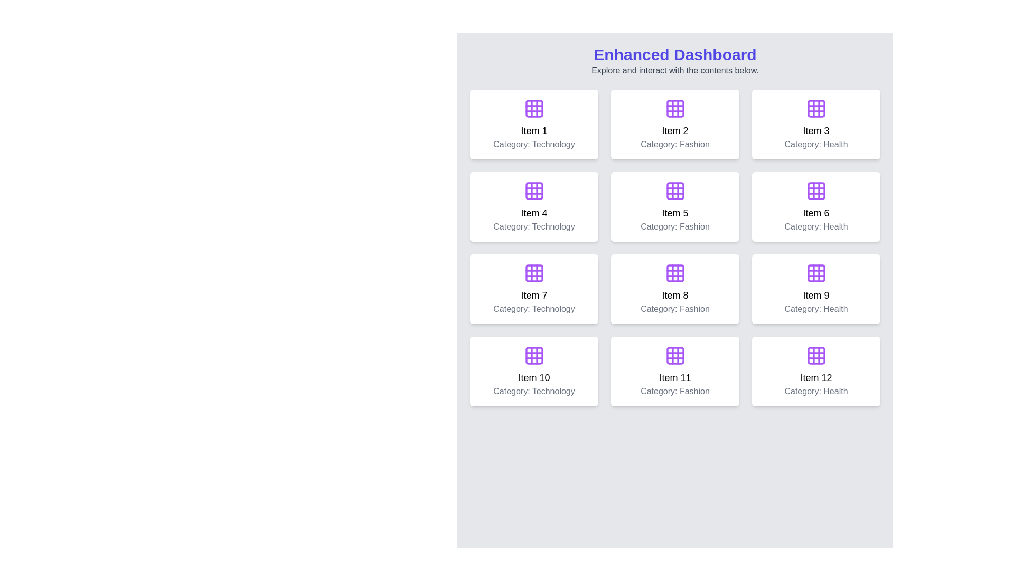 This screenshot has width=1014, height=570. I want to click on the text label displaying the title of the content represented by the card for 'Item 8' in the 'Fashion' category, which is located near the center of the card, so click(674, 295).